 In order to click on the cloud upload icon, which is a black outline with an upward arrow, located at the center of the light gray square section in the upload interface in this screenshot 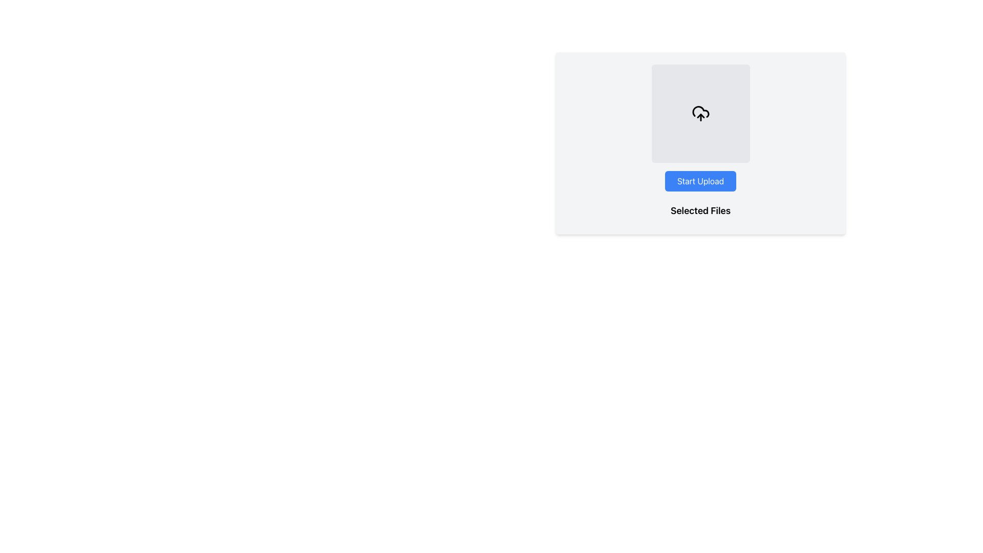, I will do `click(700, 114)`.